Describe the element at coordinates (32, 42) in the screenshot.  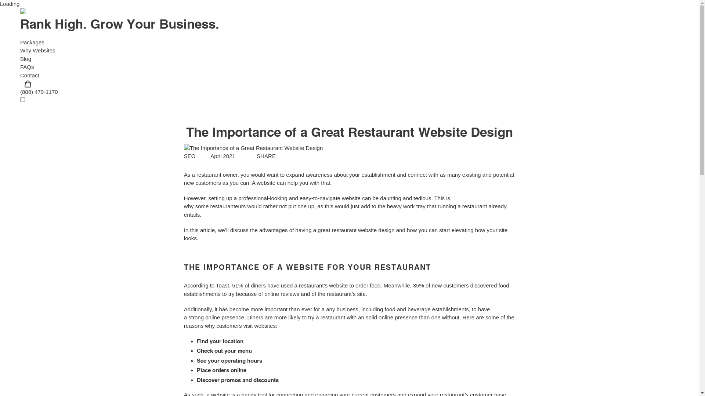
I see `'Packages'` at that location.